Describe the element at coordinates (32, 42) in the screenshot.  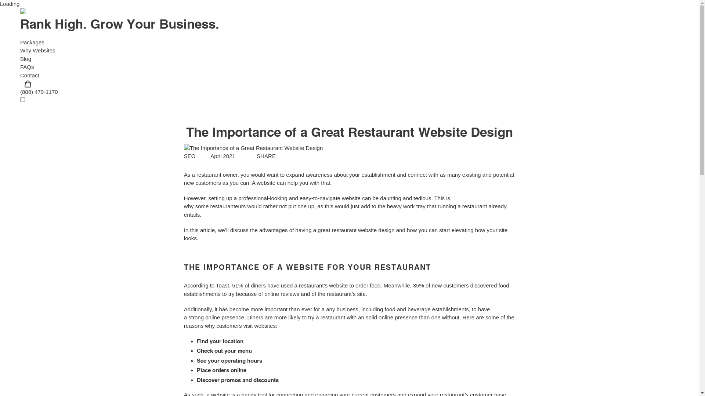
I see `'Packages'` at that location.